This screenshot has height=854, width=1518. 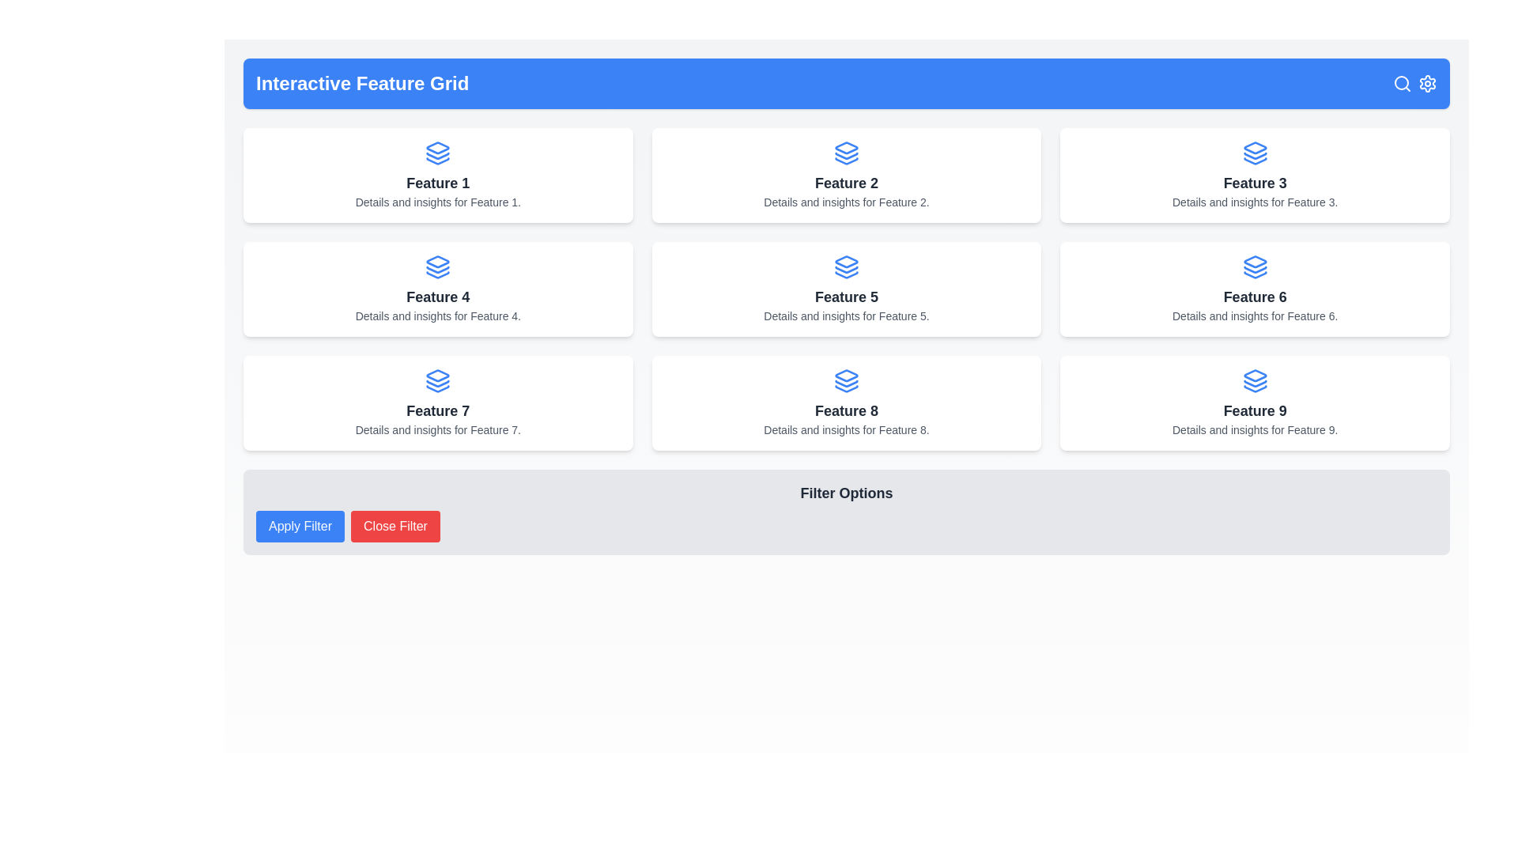 What do you see at coordinates (438, 289) in the screenshot?
I see `contents of the card titled 'Feature 4' which includes a bold title and descriptive text, located in the second row, first column of the grid layout` at bounding box center [438, 289].